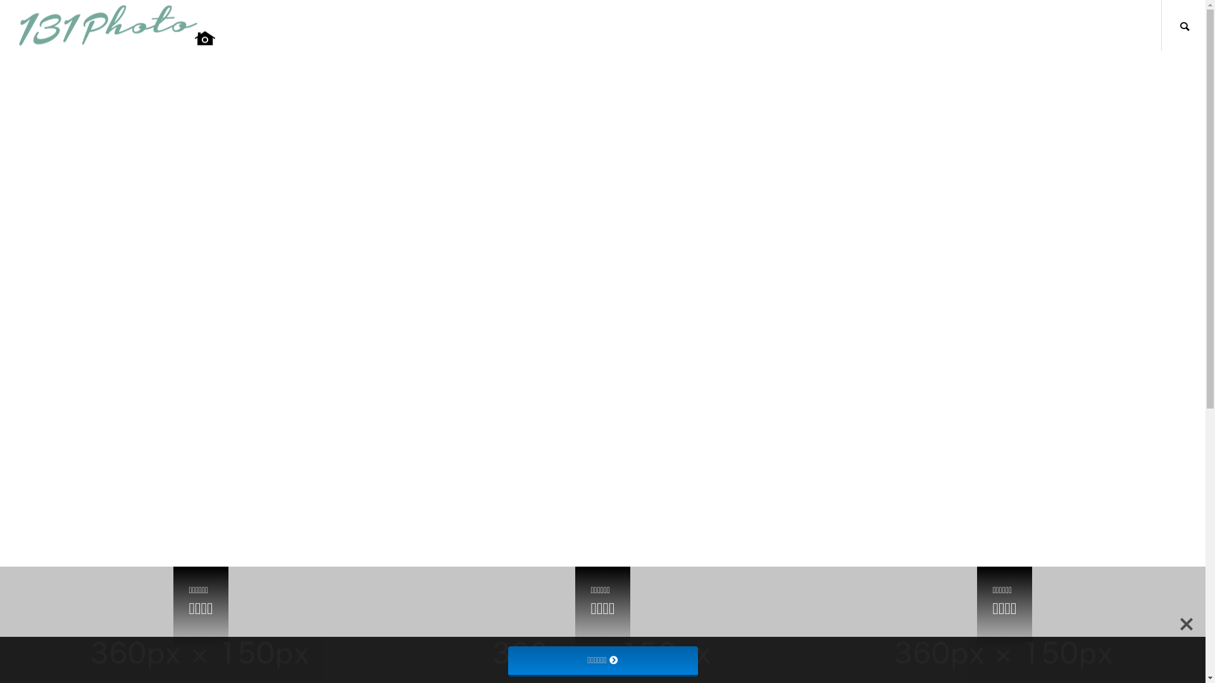 The image size is (1215, 683). I want to click on '131 Photo', so click(117, 25).